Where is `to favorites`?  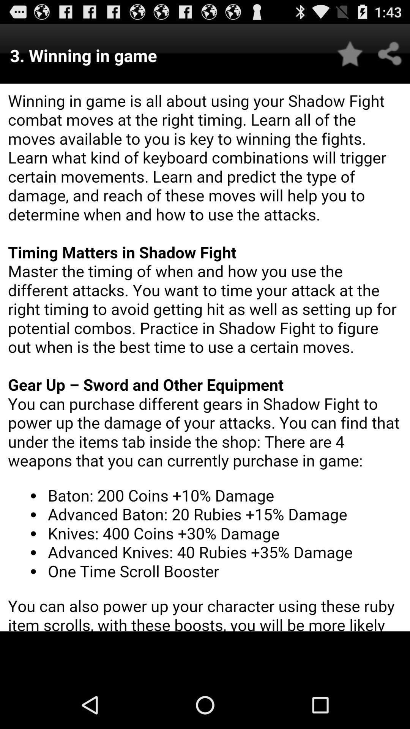 to favorites is located at coordinates (350, 53).